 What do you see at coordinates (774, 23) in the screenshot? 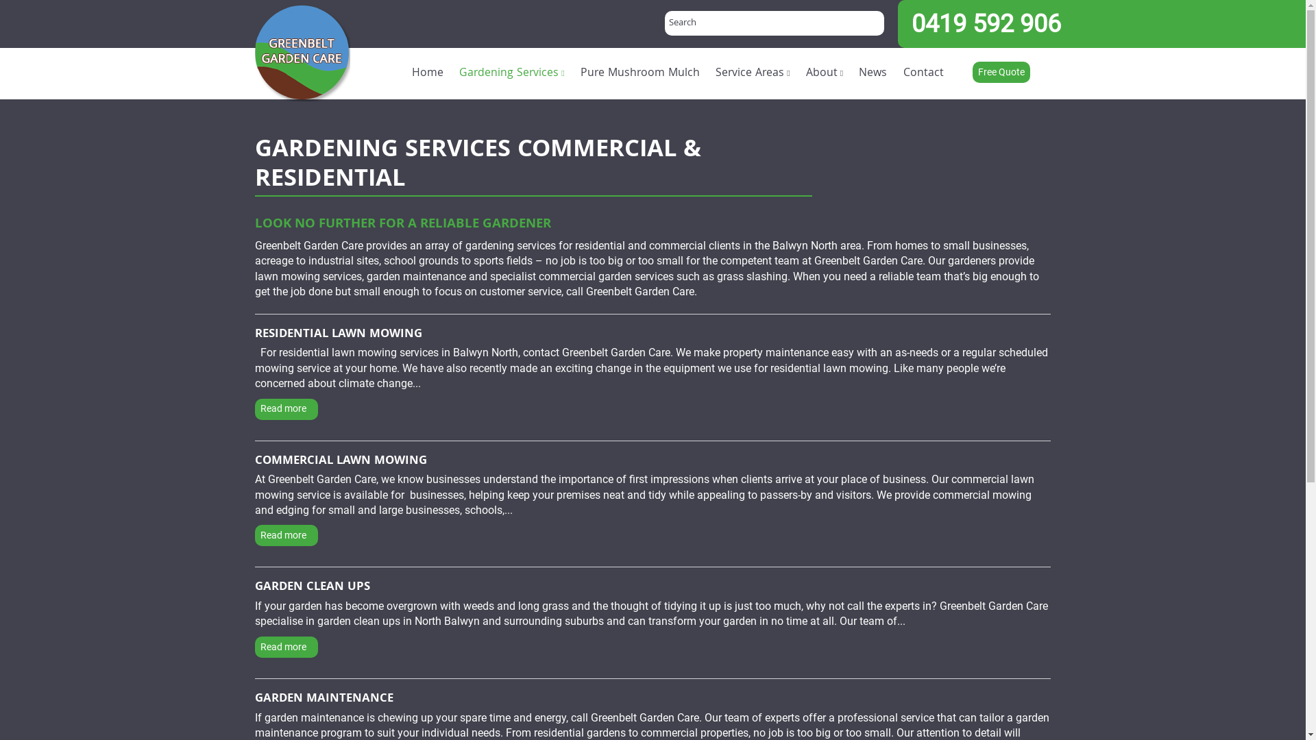
I see `'Search for:'` at bounding box center [774, 23].